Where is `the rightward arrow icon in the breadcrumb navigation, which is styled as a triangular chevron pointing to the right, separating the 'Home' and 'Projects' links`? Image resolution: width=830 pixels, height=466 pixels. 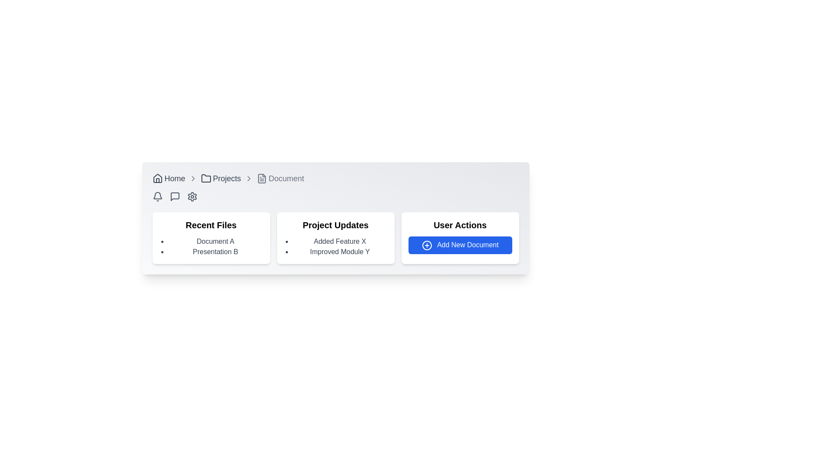 the rightward arrow icon in the breadcrumb navigation, which is styled as a triangular chevron pointing to the right, separating the 'Home' and 'Projects' links is located at coordinates (192, 178).